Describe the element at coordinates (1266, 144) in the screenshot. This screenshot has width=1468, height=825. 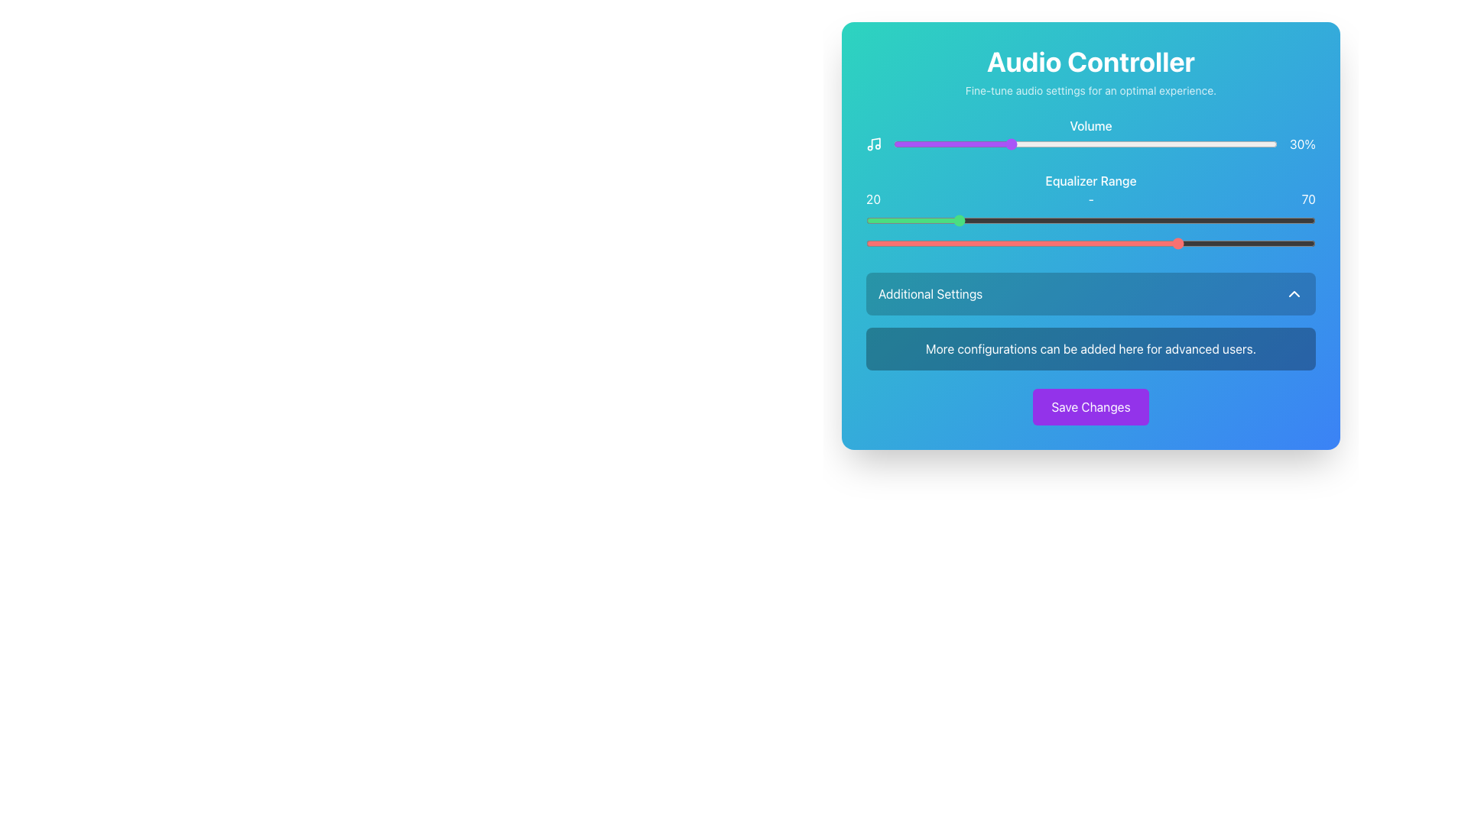
I see `the volume slider` at that location.